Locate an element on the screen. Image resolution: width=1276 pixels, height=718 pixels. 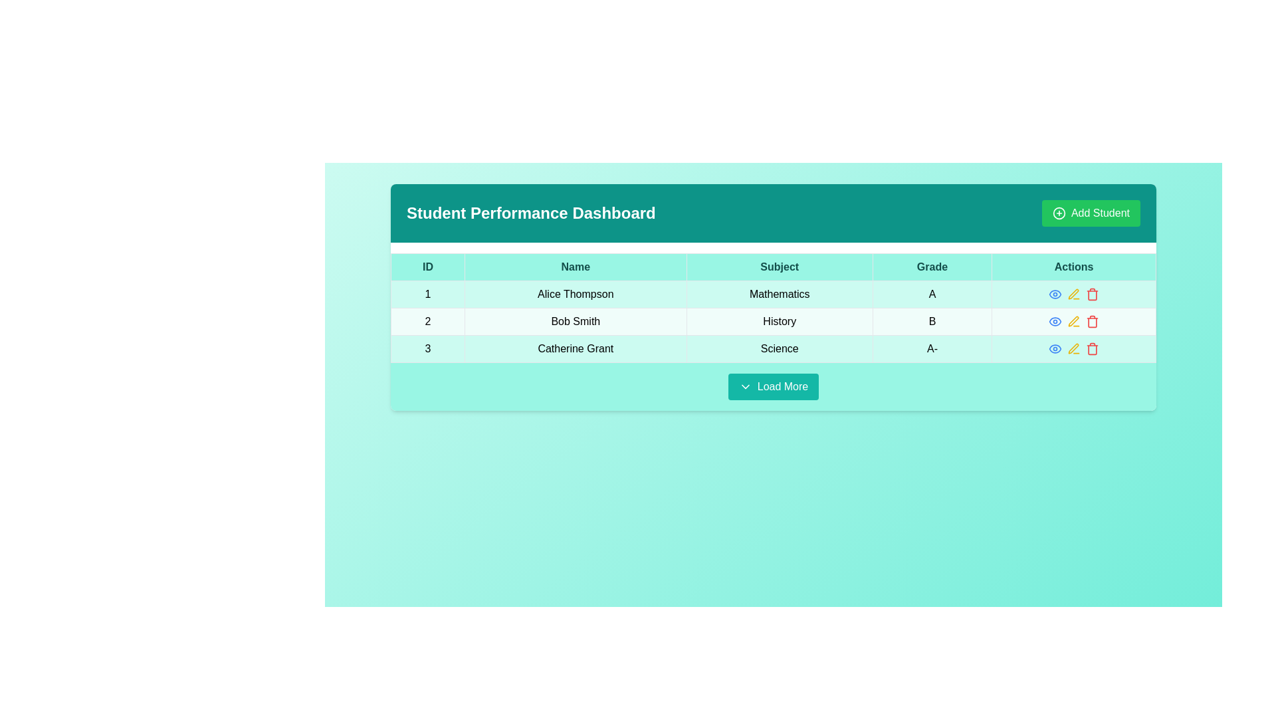
the yellow pencil icon in the Actions column of the second row in the student performance dashboard is located at coordinates (1074, 321).